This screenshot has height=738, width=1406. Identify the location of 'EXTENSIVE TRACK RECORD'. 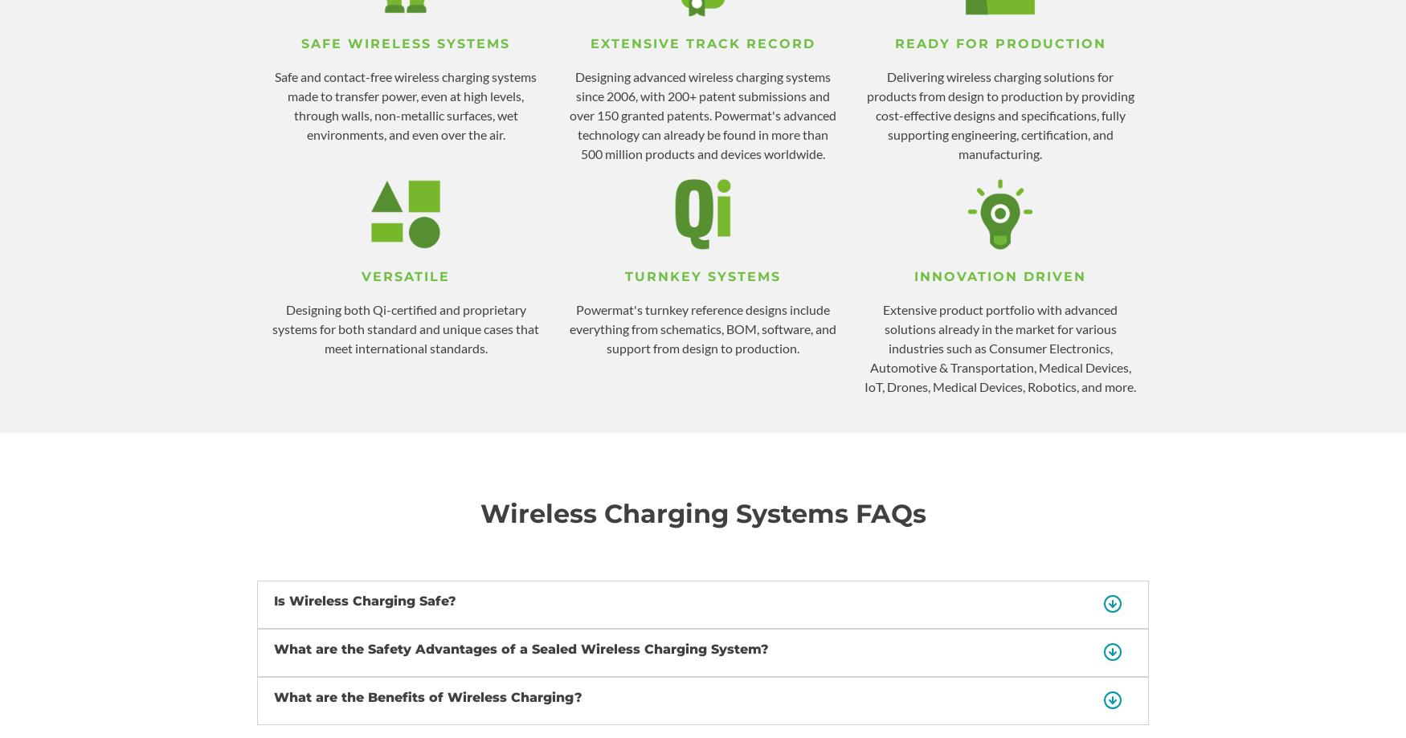
(703, 43).